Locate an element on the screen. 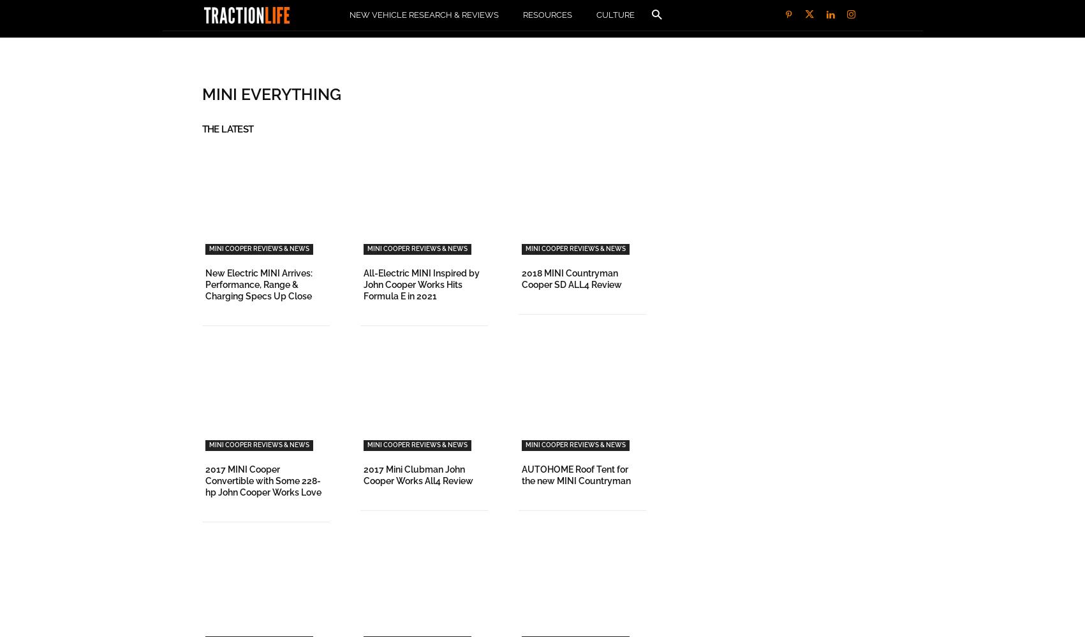 The width and height of the screenshot is (1085, 637). 'New Electric MINI Arrives: Performance, Range & Charging Specs Up Close' is located at coordinates (258, 283).